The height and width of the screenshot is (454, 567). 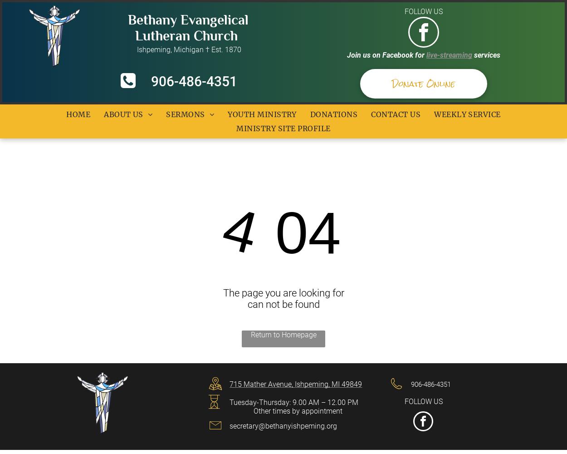 I want to click on 'MINISTRY SITE PROFILE', so click(x=283, y=128).